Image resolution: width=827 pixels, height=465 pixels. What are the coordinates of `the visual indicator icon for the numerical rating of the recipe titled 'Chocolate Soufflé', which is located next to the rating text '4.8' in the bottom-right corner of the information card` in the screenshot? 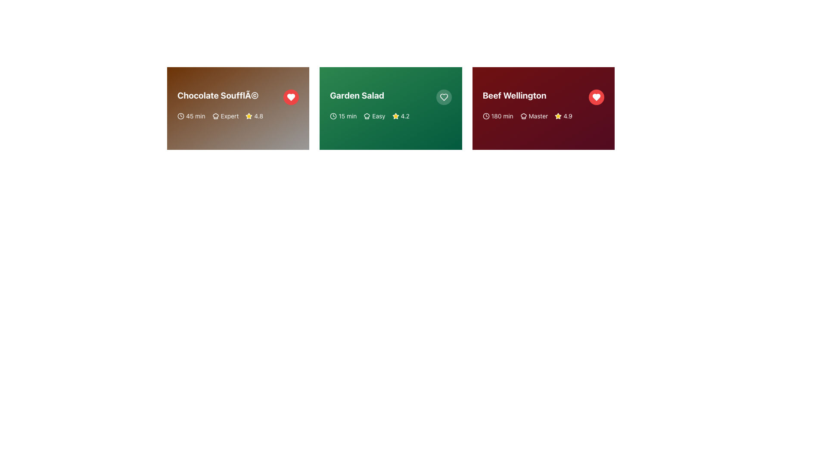 It's located at (249, 115).